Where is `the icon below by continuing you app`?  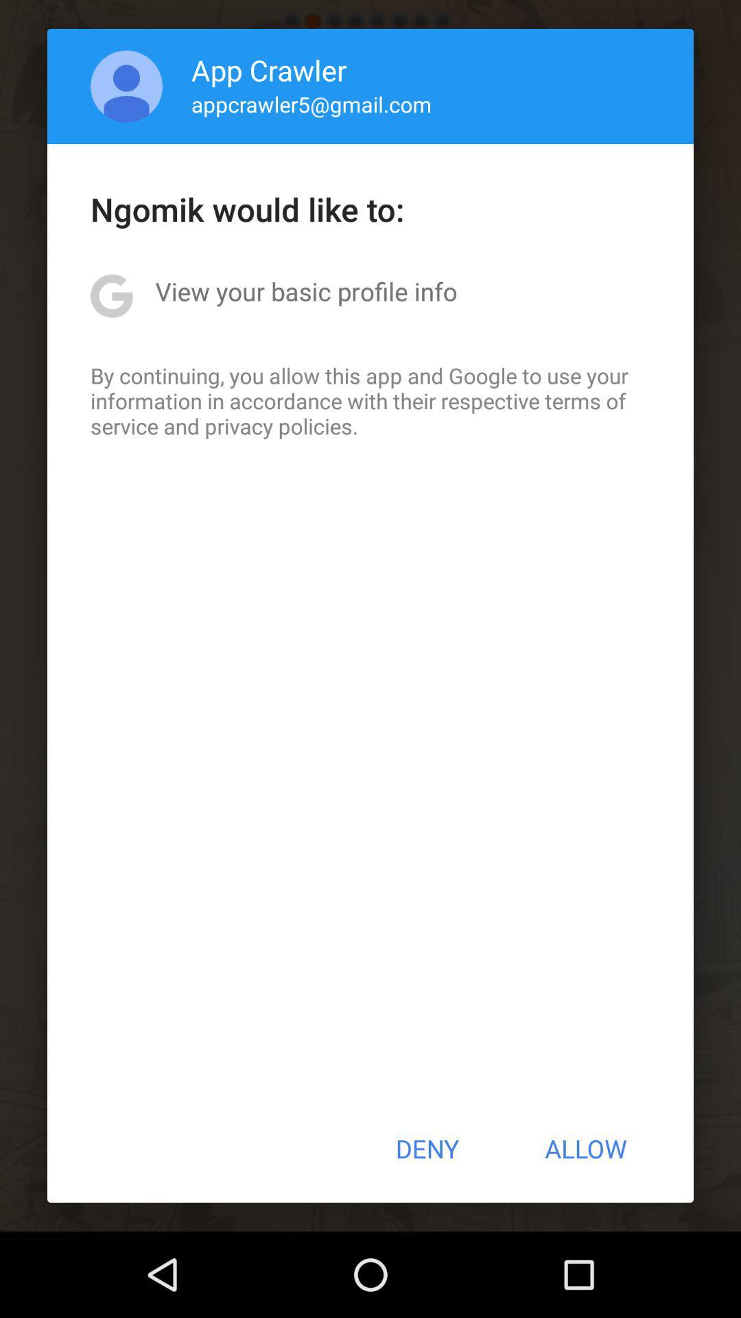 the icon below by continuing you app is located at coordinates (426, 1148).